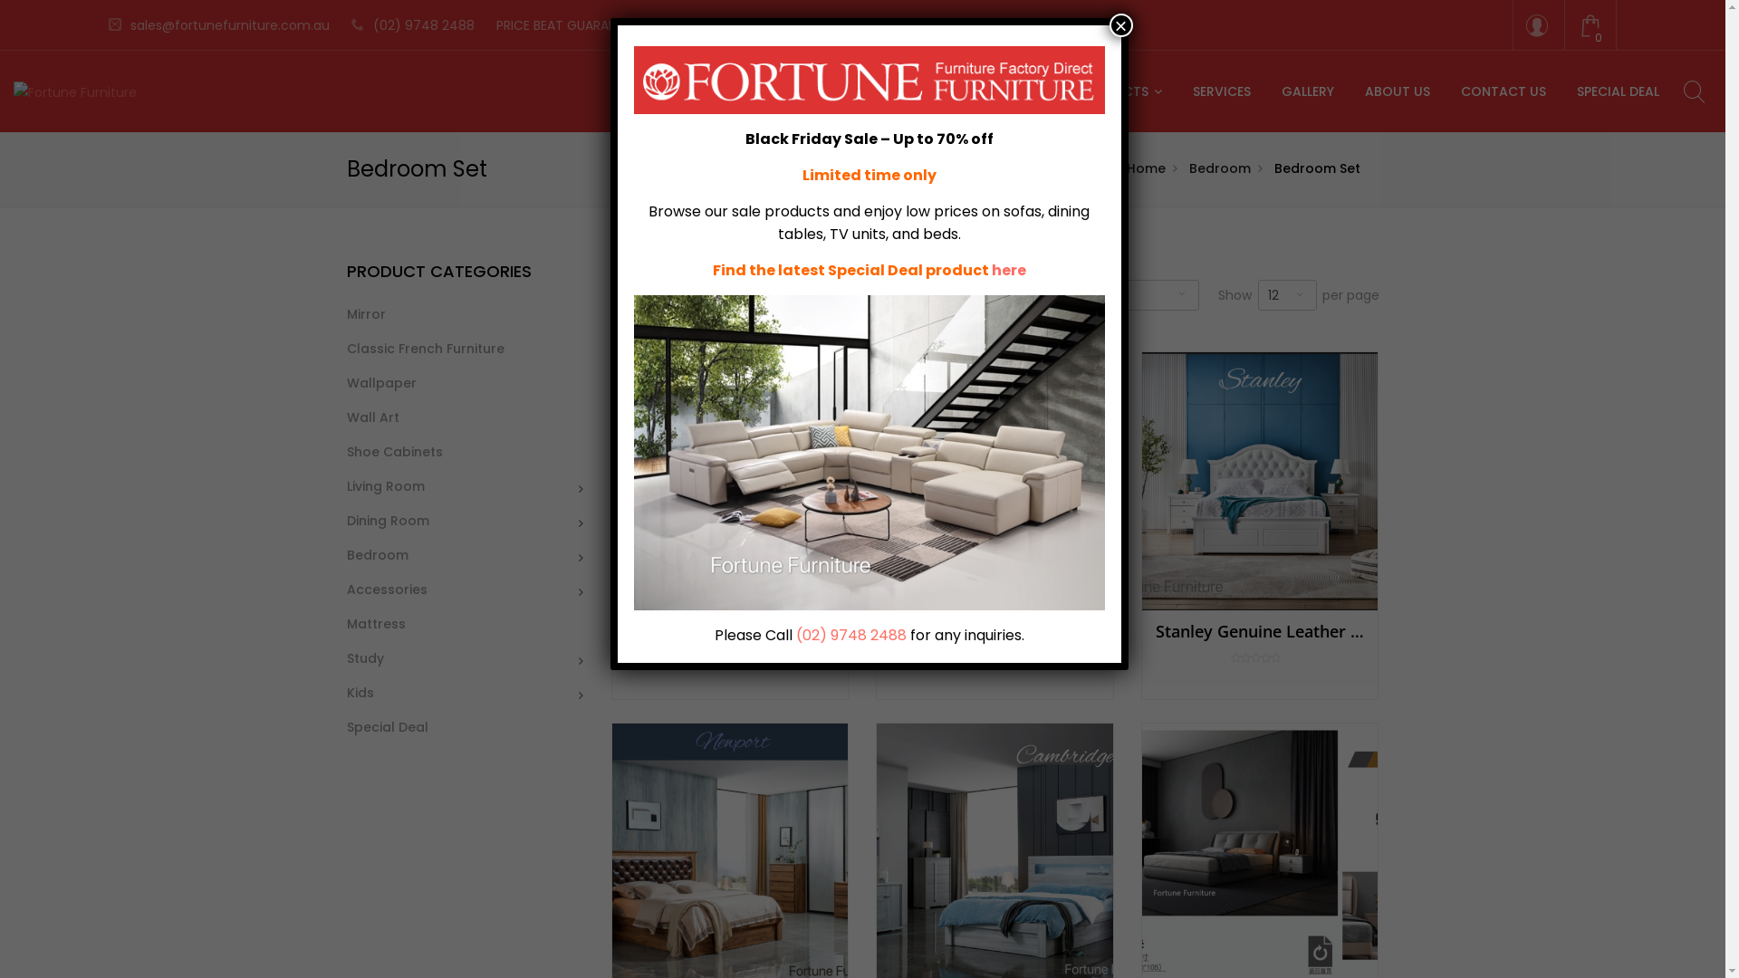 This screenshot has width=1739, height=978. I want to click on 'Bedroom', so click(376, 551).